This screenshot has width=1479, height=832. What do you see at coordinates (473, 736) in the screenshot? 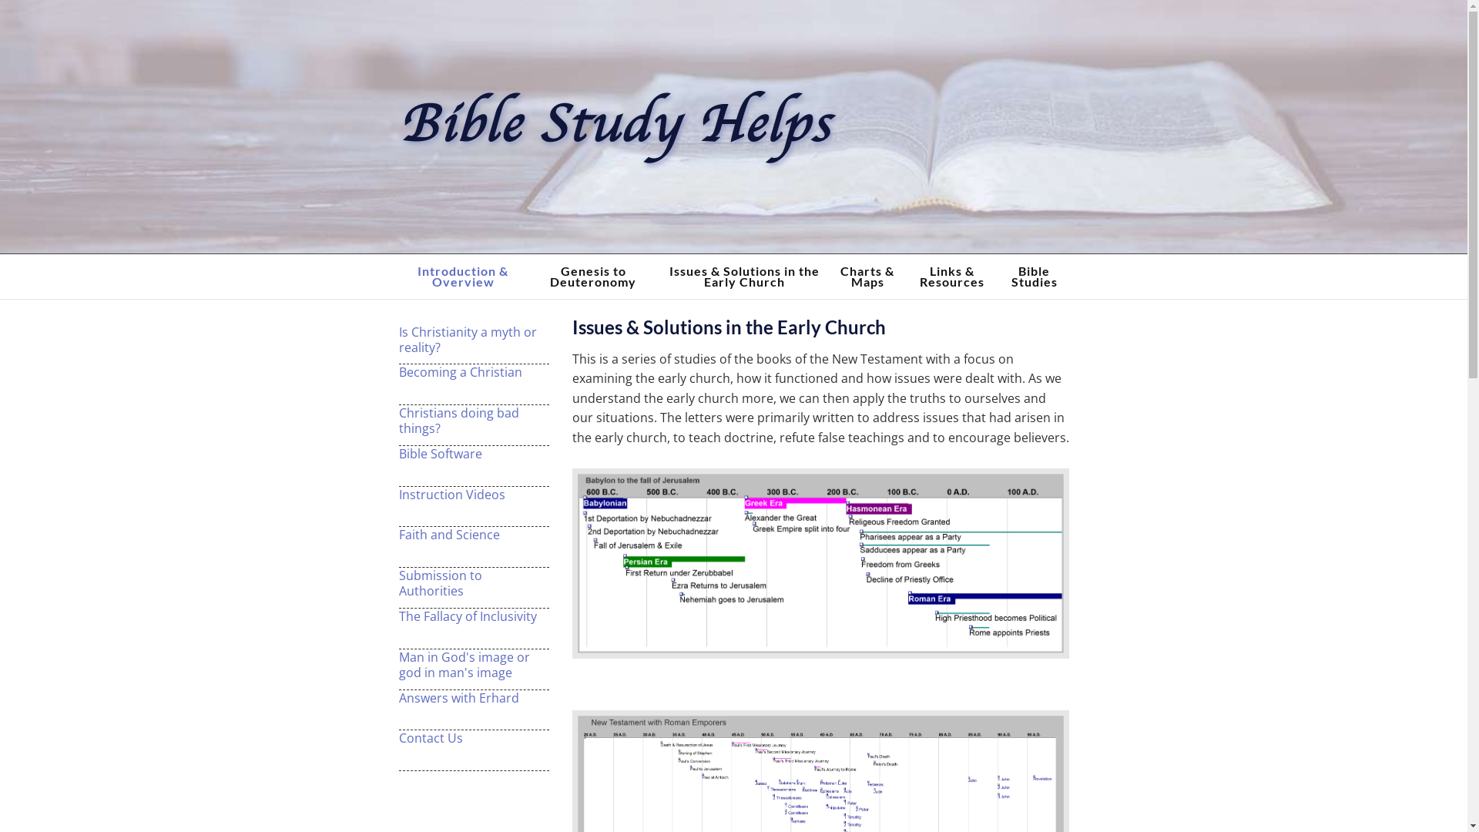
I see `'Contact Us'` at bounding box center [473, 736].